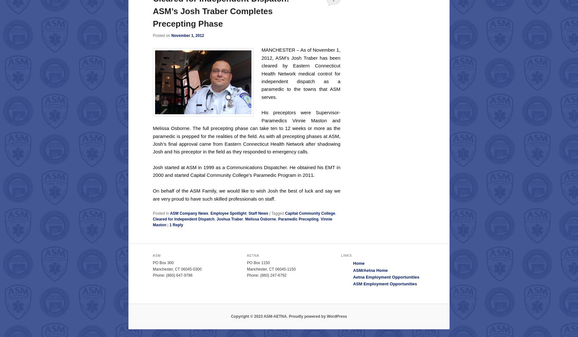 This screenshot has width=578, height=337. Describe the element at coordinates (177, 269) in the screenshot. I see `'Manchester, CT 06045-0300'` at that location.